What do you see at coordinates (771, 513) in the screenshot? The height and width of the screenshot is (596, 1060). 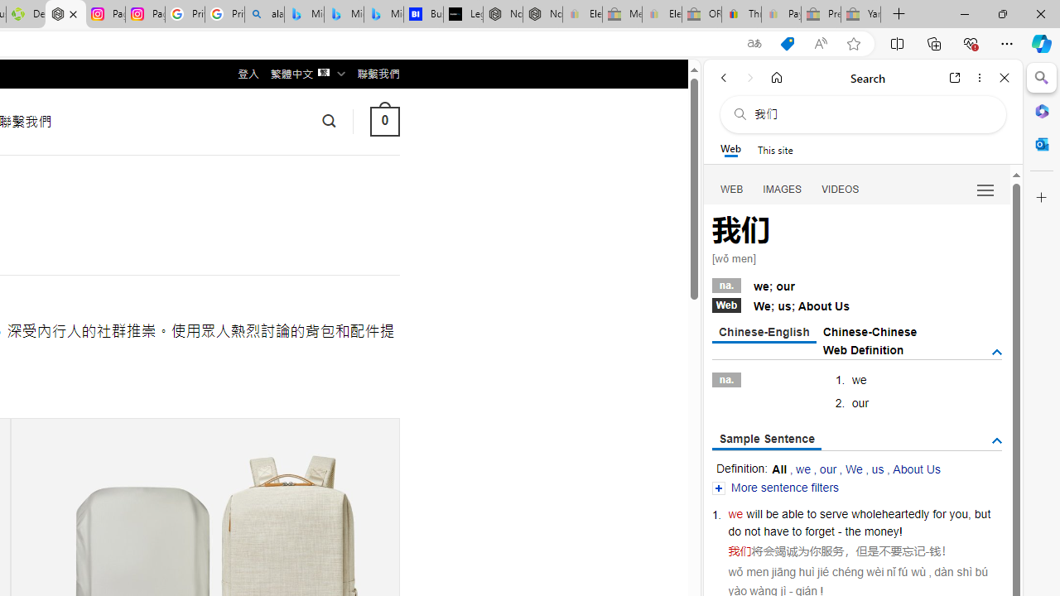 I see `'be'` at bounding box center [771, 513].